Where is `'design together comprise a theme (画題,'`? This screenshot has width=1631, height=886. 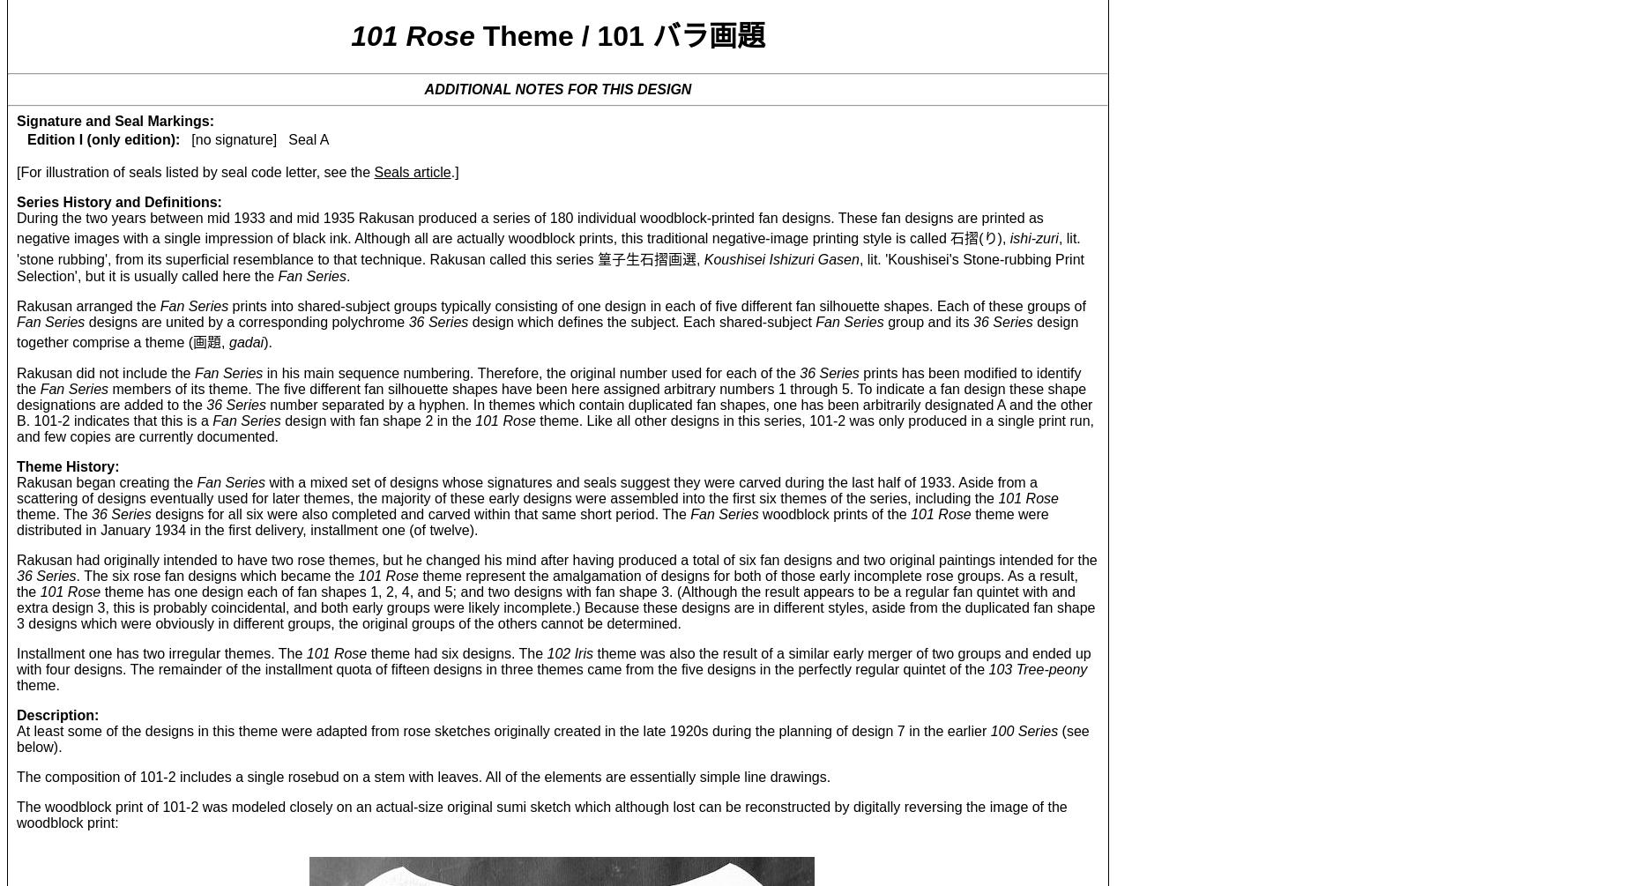 'design together comprise a theme (画題,' is located at coordinates (547, 331).